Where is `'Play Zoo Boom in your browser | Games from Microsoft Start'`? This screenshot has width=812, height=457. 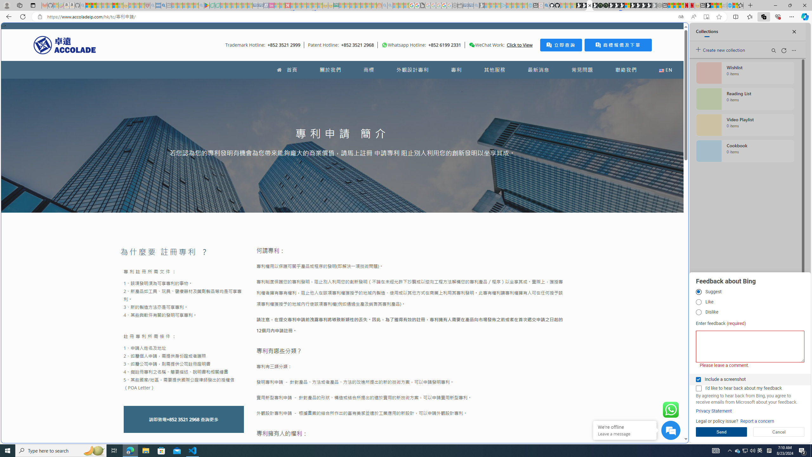 'Play Zoo Boom in your browser | Games from Microsoft Start' is located at coordinates (584, 5).